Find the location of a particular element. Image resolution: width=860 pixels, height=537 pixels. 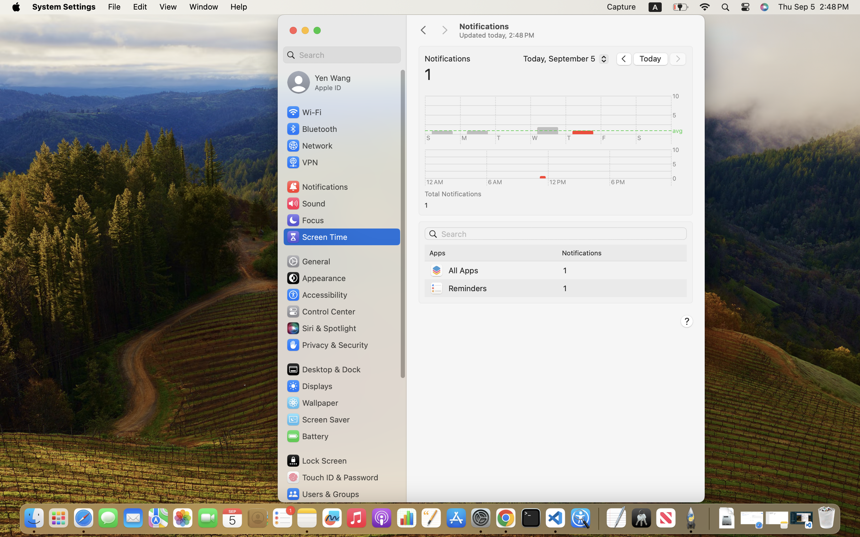

'Control Center' is located at coordinates (321, 311).